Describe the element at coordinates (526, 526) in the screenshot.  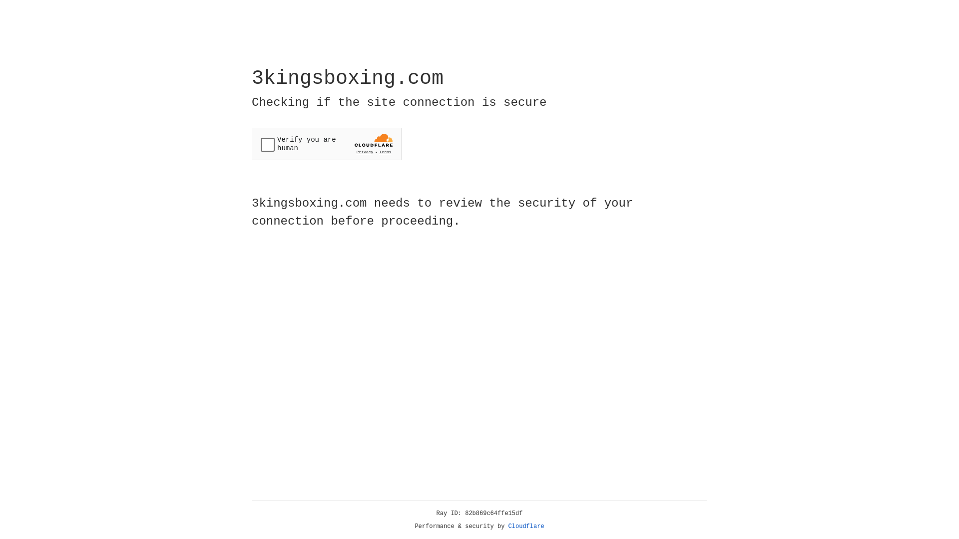
I see `'Cloudflare'` at that location.